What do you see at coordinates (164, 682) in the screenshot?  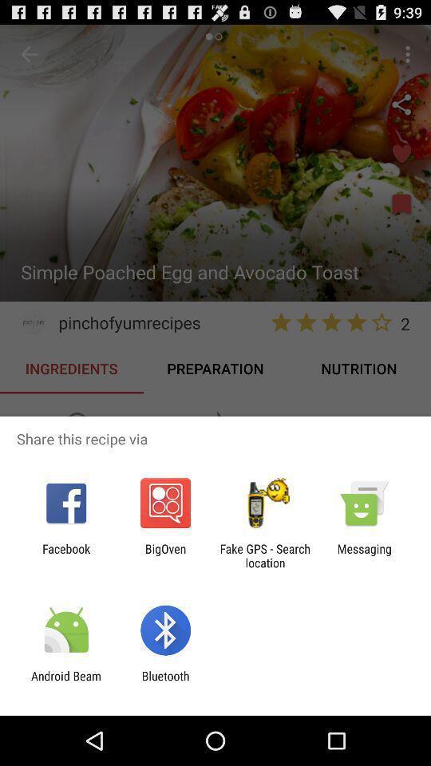 I see `item to the right of android beam icon` at bounding box center [164, 682].